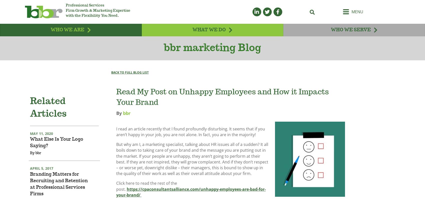 The width and height of the screenshot is (425, 199). Describe the element at coordinates (116, 138) in the screenshot. I see `'I read an article recently that I found profoundly disturbing. It seems that if you aren’t happy in your job, you are not alone. In fact, you are in the majority!'` at that location.